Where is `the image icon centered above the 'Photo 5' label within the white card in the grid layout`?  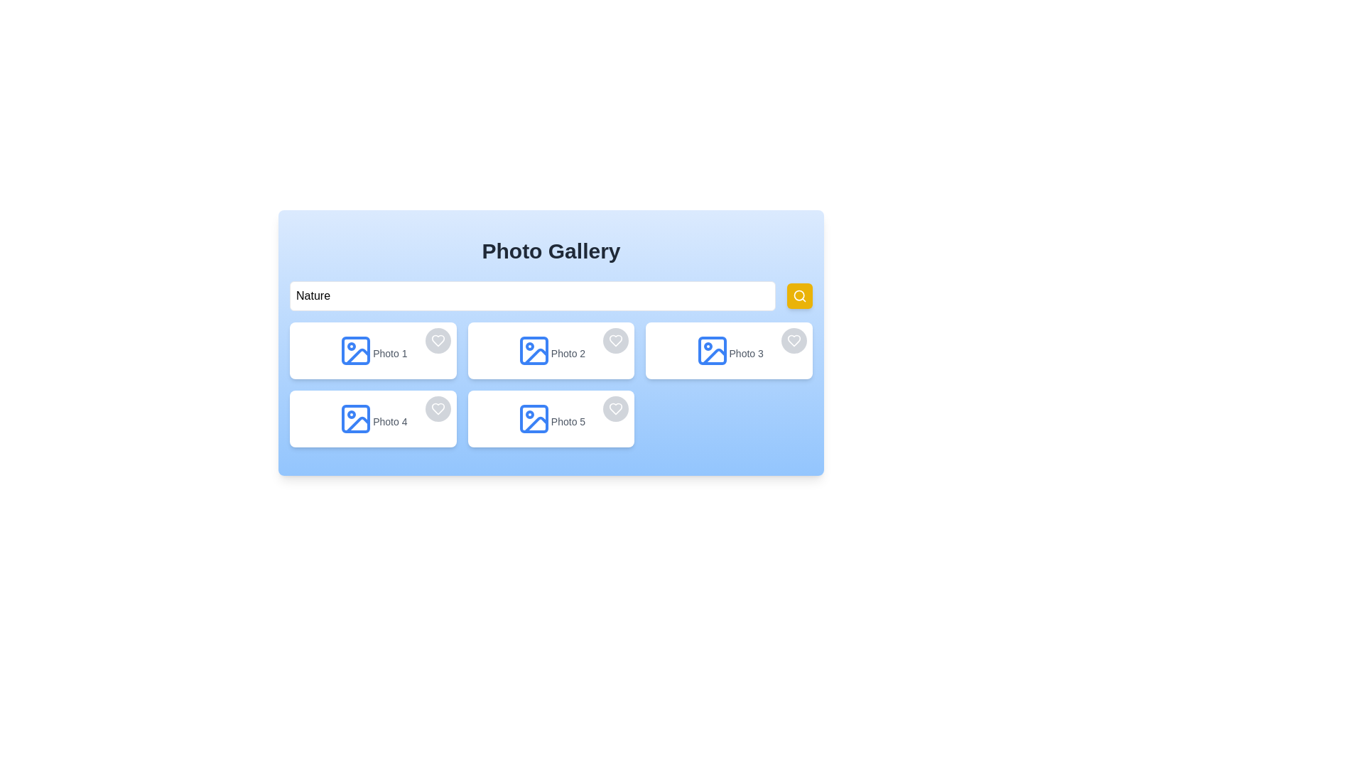
the image icon centered above the 'Photo 5' label within the white card in the grid layout is located at coordinates (533, 418).